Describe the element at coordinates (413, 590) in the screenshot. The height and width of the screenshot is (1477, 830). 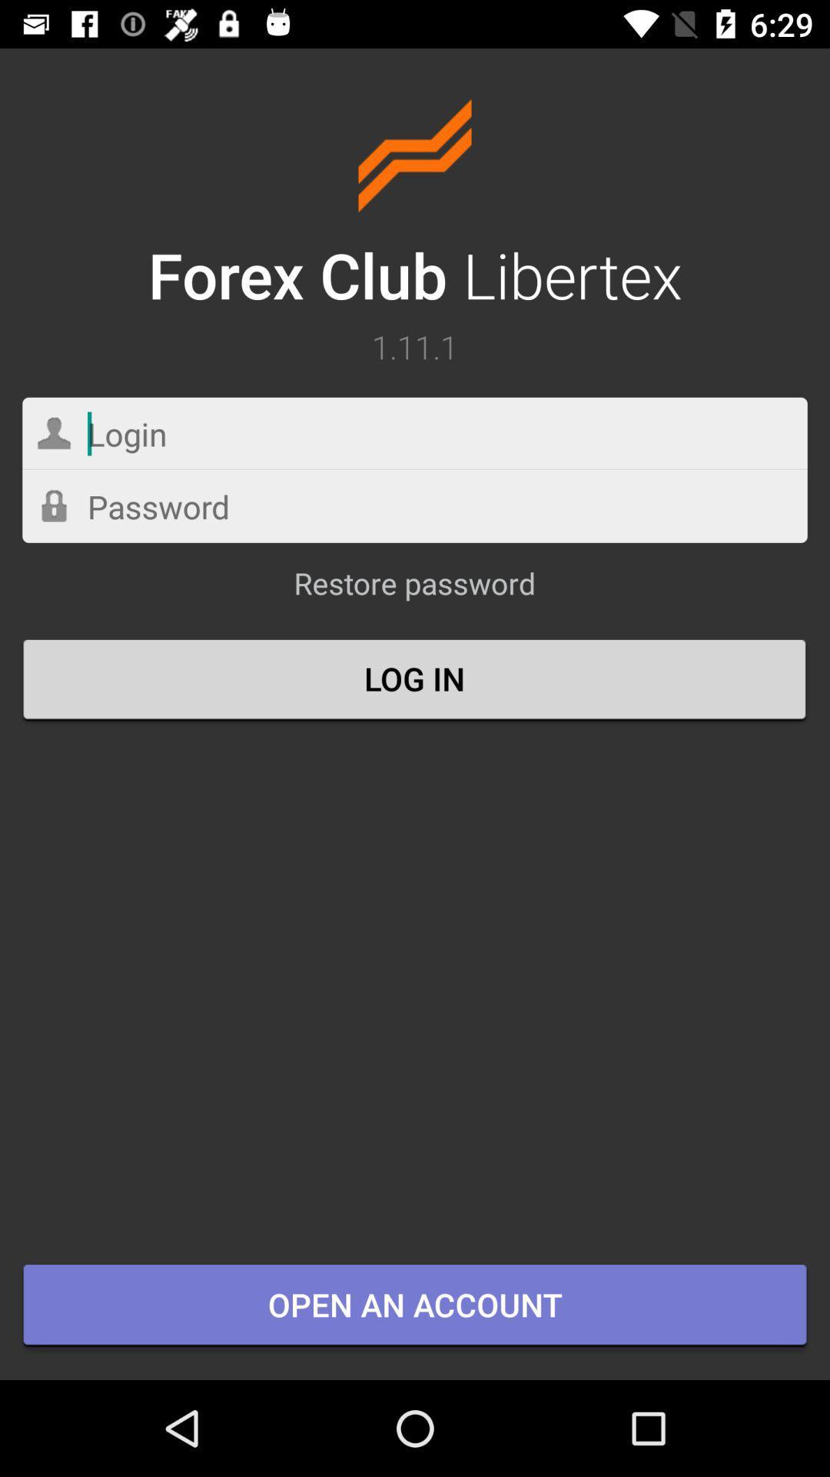
I see `the restore password` at that location.